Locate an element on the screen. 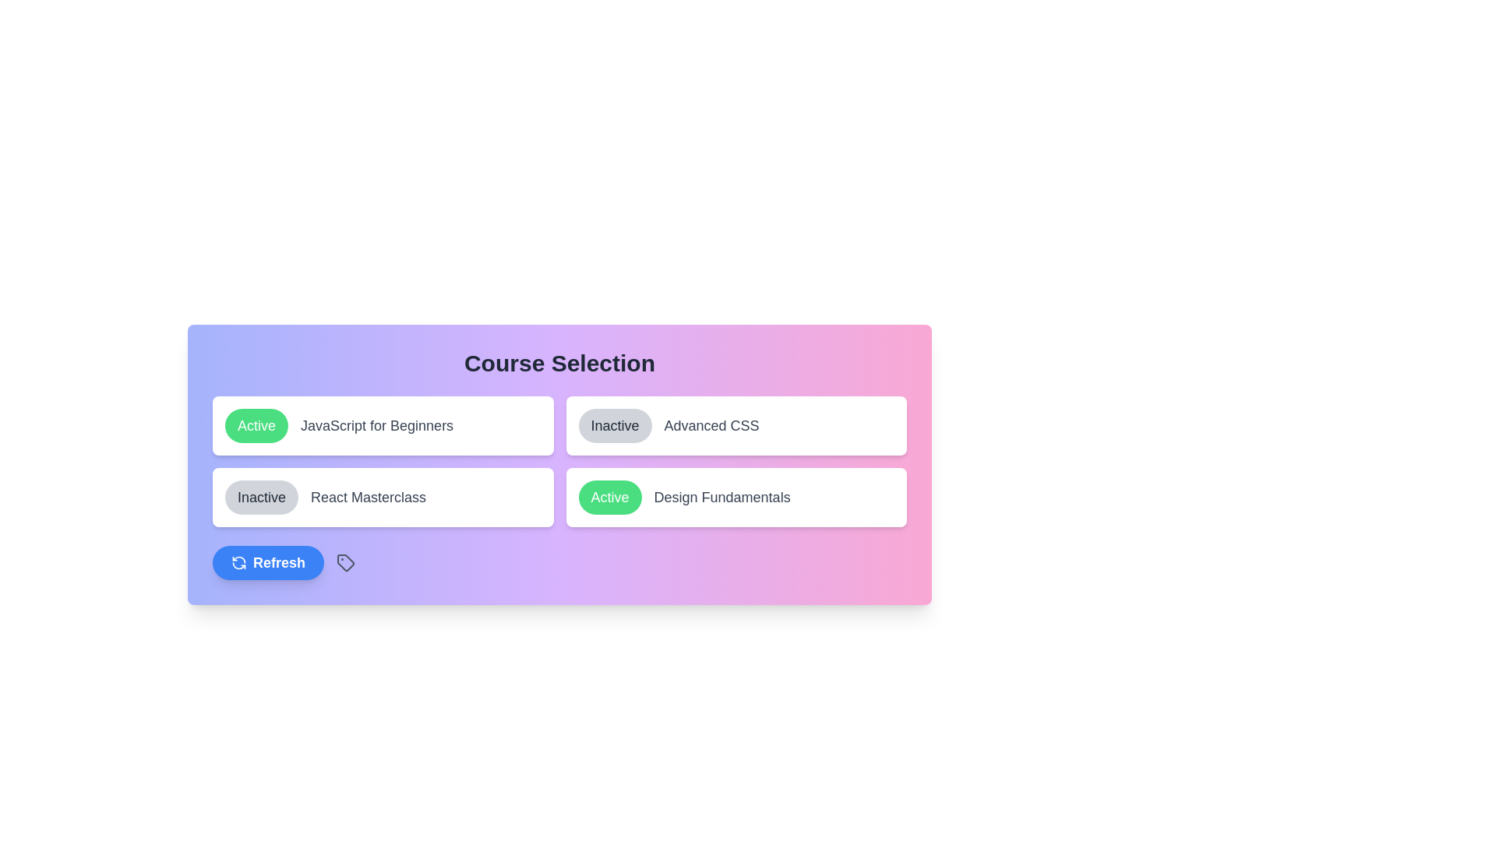 This screenshot has width=1496, height=841. the adjacent elements of the 'Advanced CSS' informational tile, which is currently labeled as 'Inactive' is located at coordinates (736, 426).